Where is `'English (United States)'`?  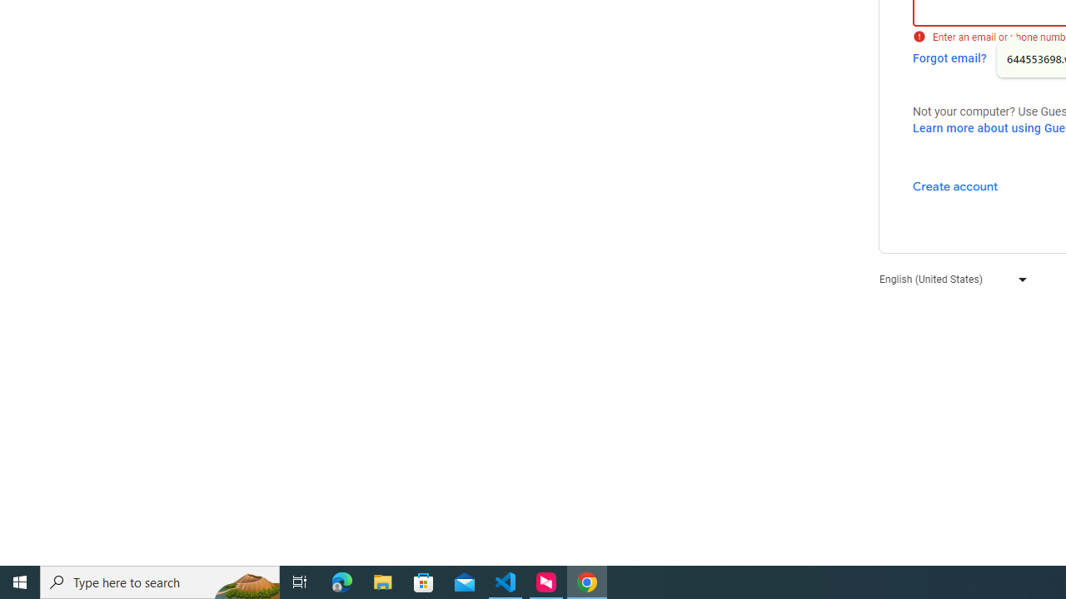
'English (United States)' is located at coordinates (949, 278).